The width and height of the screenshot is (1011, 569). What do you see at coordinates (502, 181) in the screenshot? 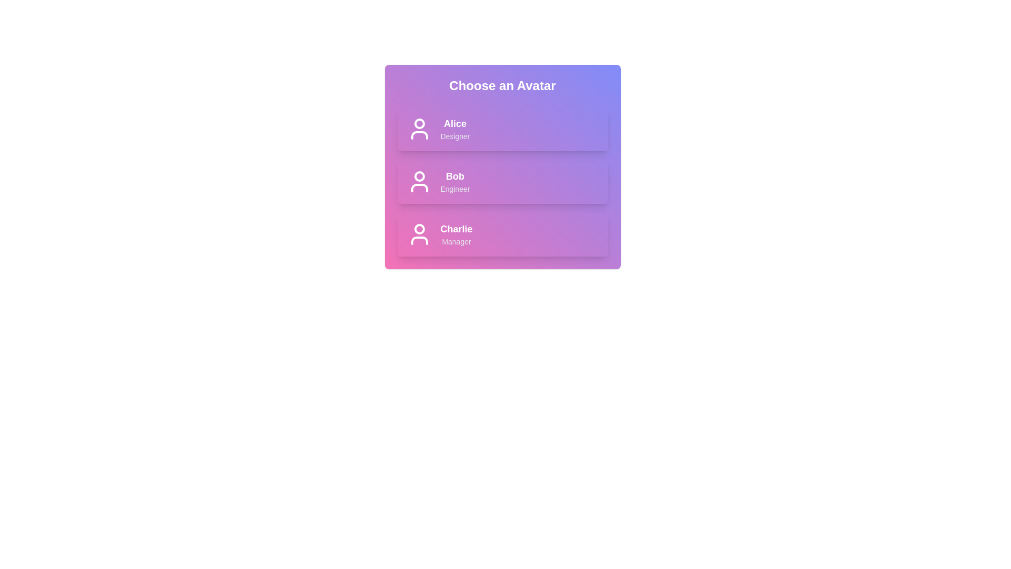
I see `the clickable list item displaying the name 'Bob' and designation 'Engineer' on a purple background, which is the second item in the list` at bounding box center [502, 181].